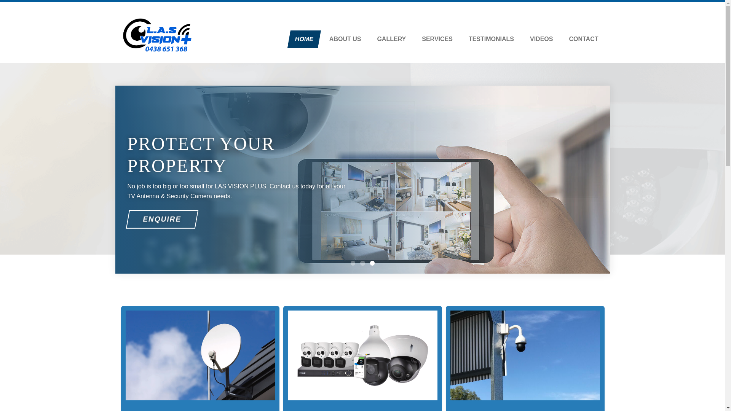 The height and width of the screenshot is (411, 731). I want to click on 'SERVICES', so click(415, 39).